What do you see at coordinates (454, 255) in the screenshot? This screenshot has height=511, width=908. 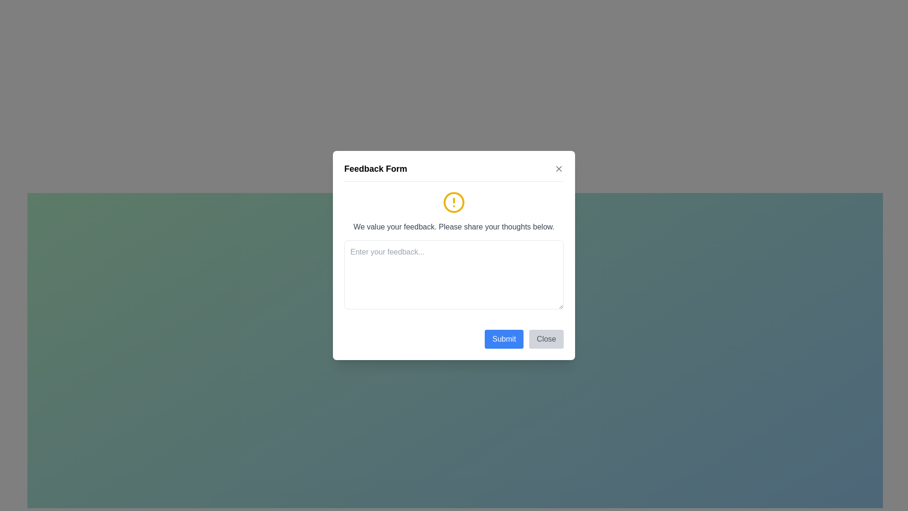 I see `the text area for input in the 'Feedback Form' modal dialog` at bounding box center [454, 255].